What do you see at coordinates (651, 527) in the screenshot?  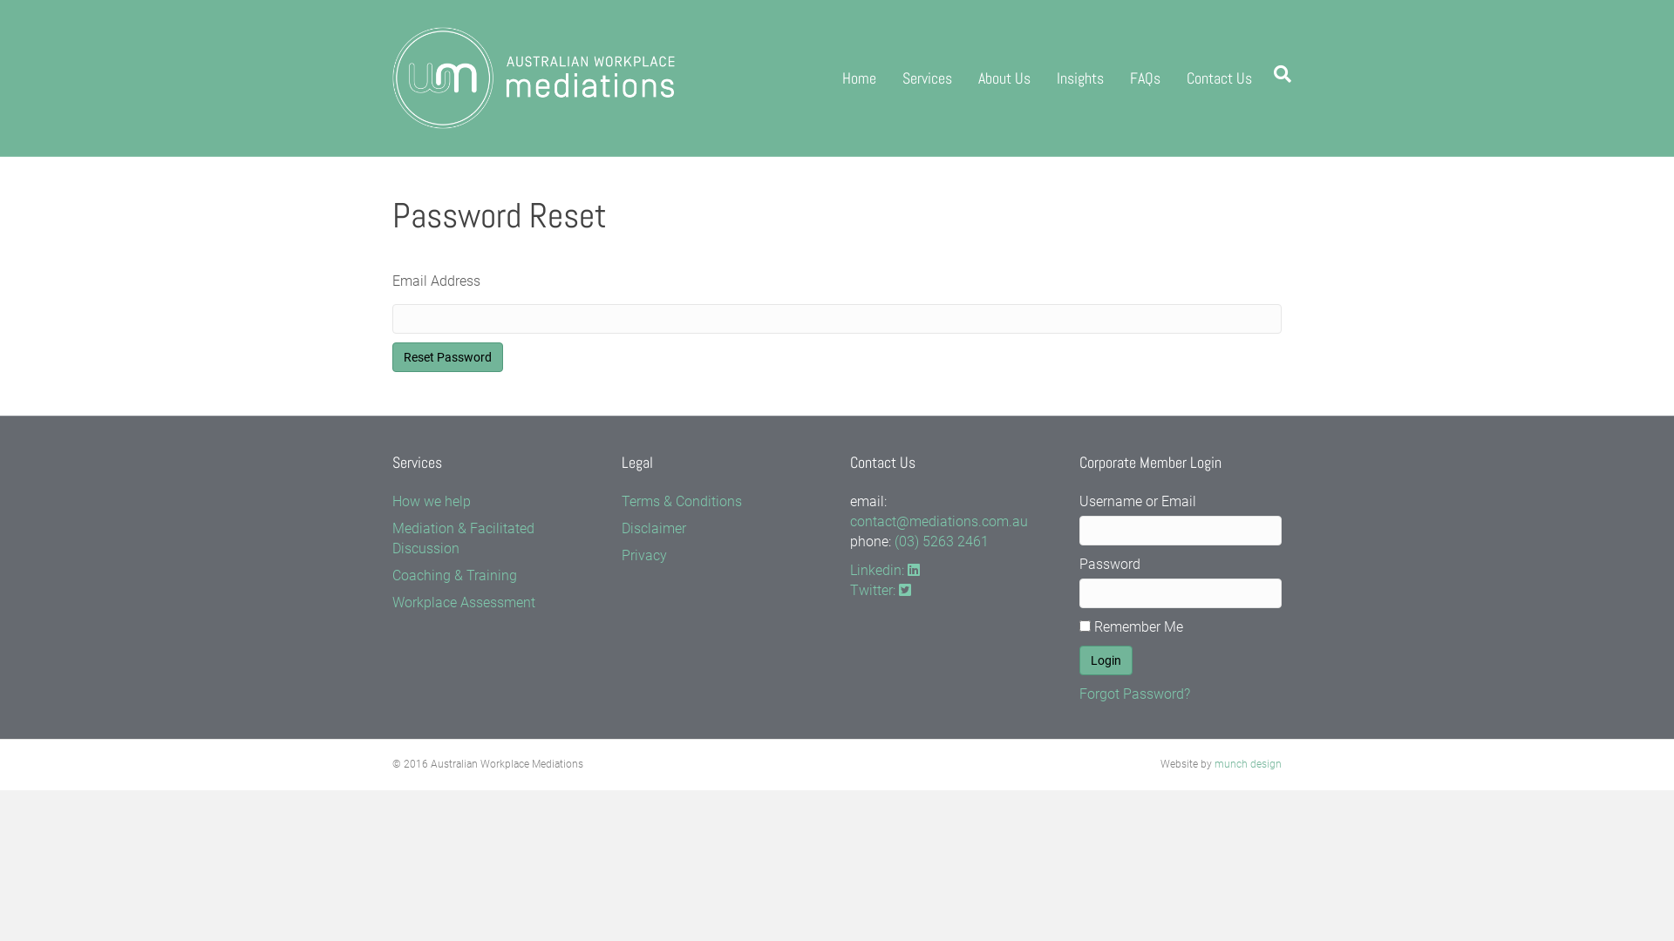 I see `'Disclaimer'` at bounding box center [651, 527].